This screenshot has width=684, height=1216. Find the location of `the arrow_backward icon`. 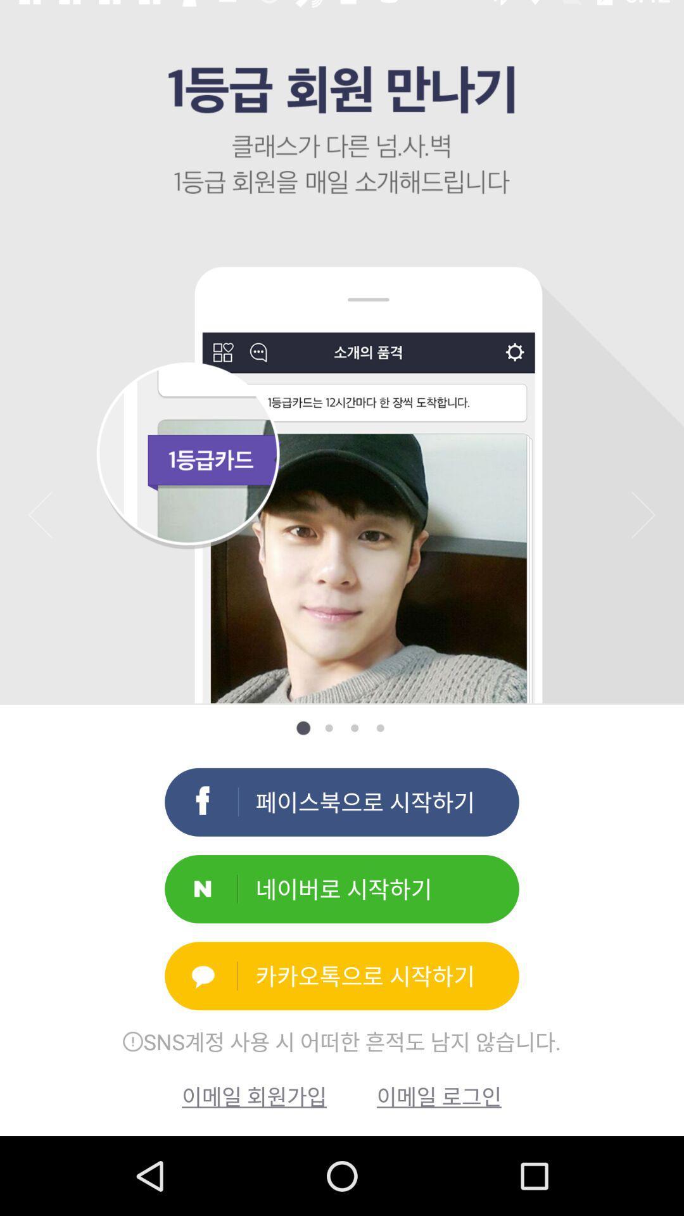

the arrow_backward icon is located at coordinates (40, 514).